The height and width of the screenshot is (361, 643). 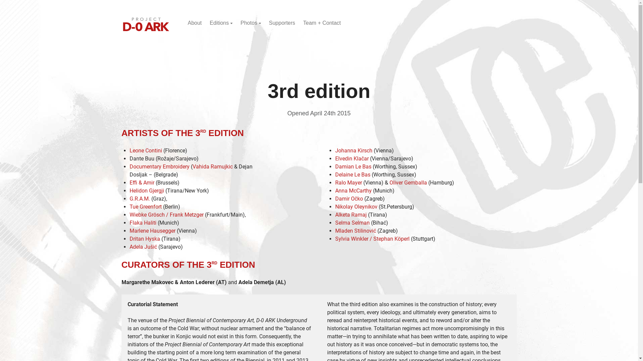 I want to click on 'Flaka Haliti', so click(x=142, y=223).